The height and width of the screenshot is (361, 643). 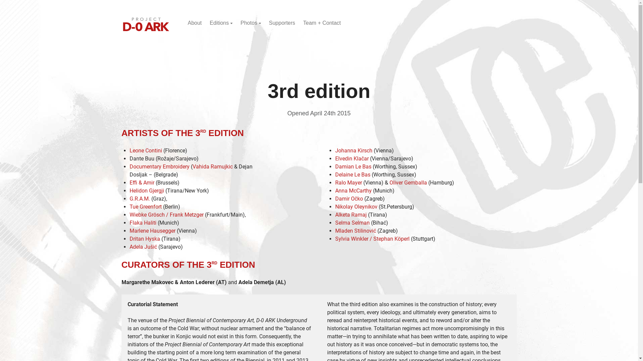 I want to click on 'Flaka Haliti', so click(x=142, y=223).